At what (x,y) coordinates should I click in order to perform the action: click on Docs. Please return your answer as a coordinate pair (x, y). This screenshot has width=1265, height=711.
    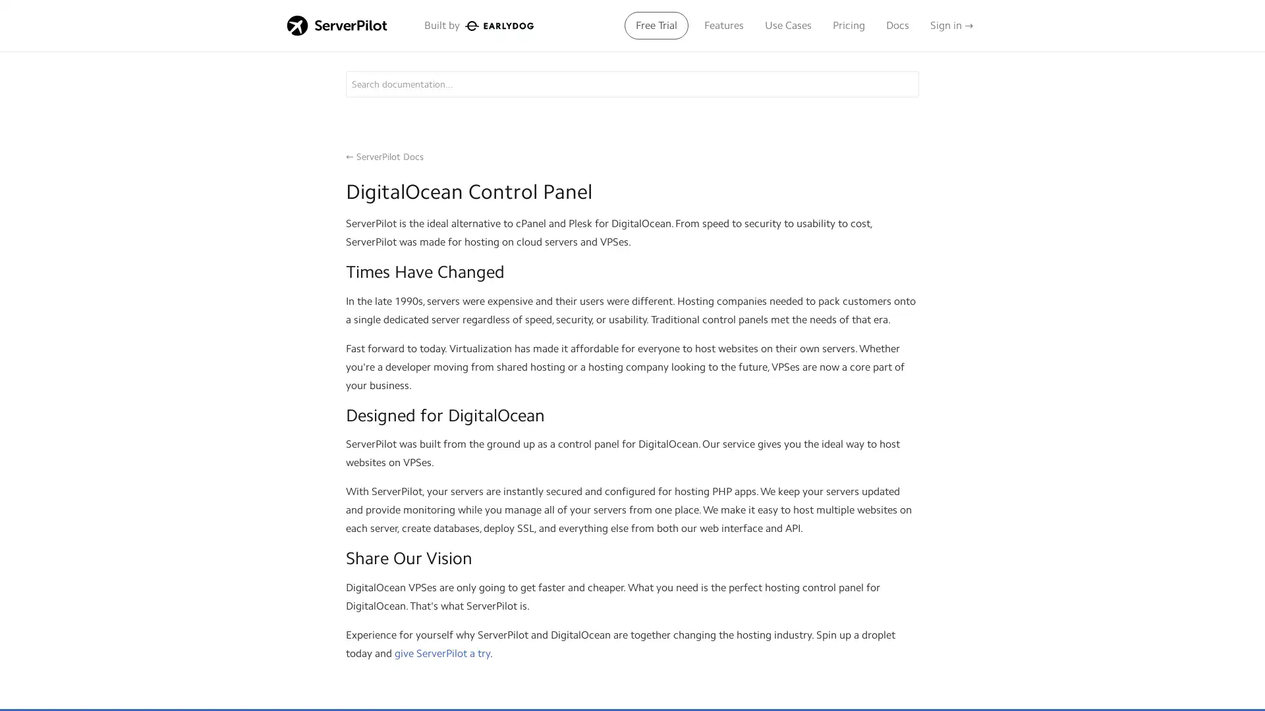
    Looking at the image, I should click on (897, 25).